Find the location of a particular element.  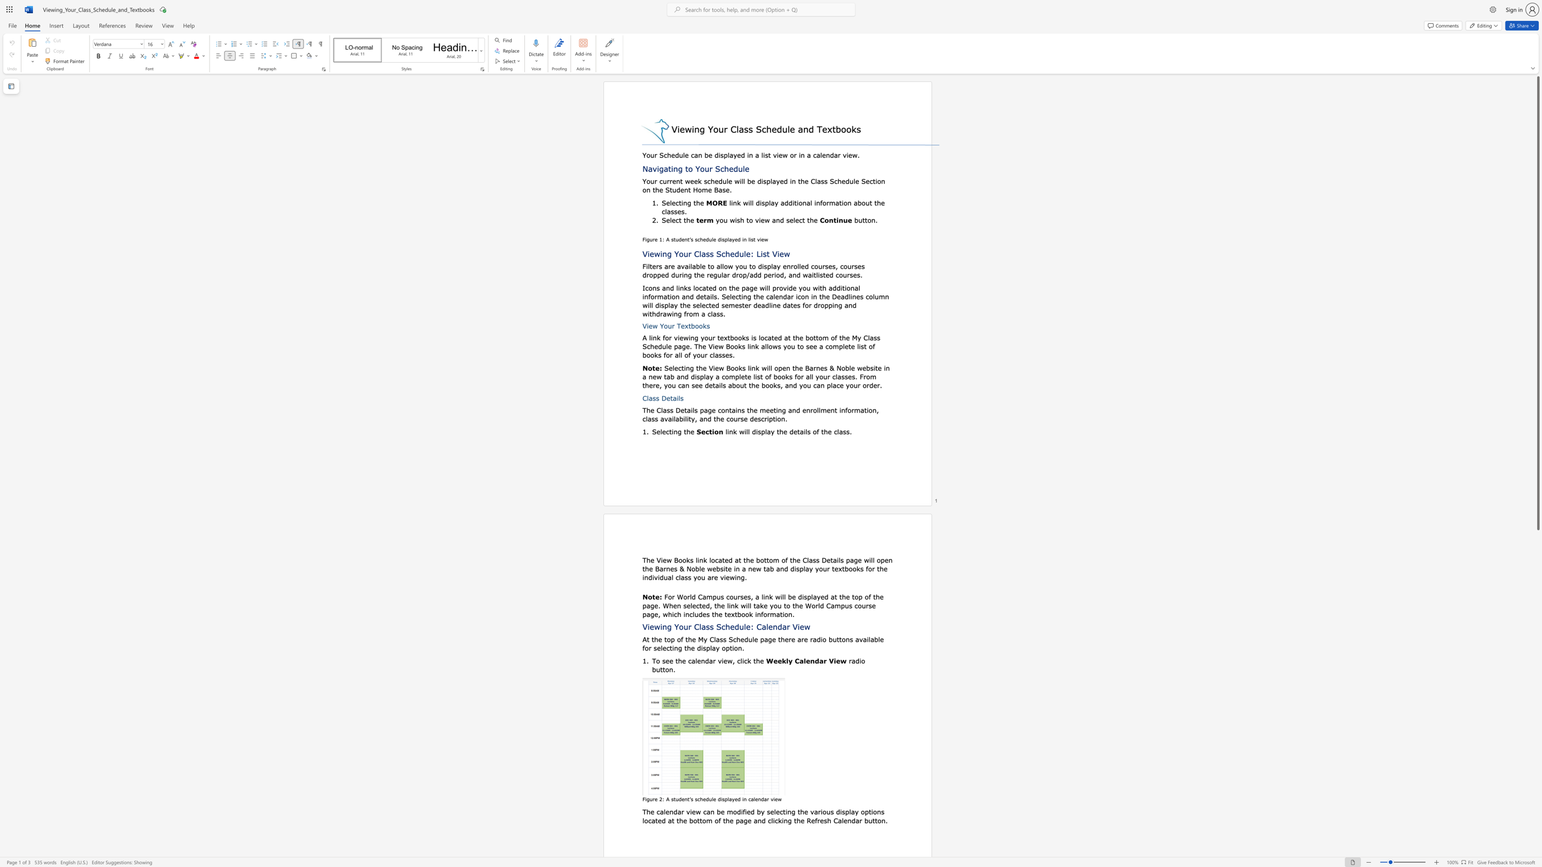

the scrollbar to slide the page down is located at coordinates (1537, 822).